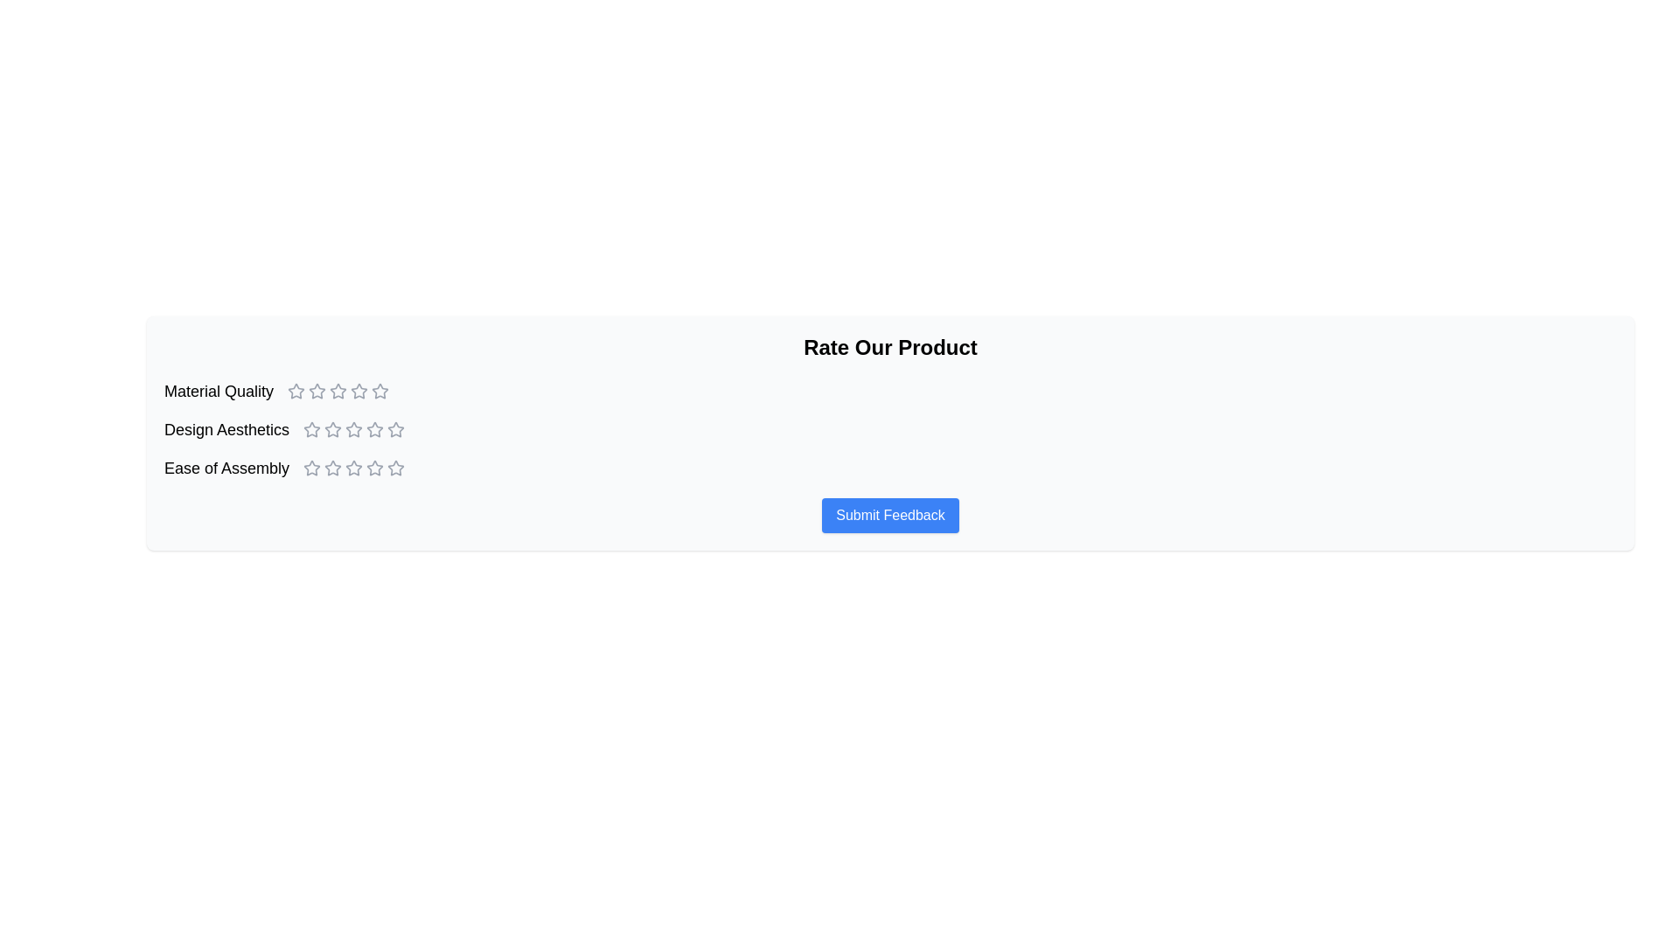 The width and height of the screenshot is (1679, 944). What do you see at coordinates (353, 430) in the screenshot?
I see `the fourth rating star` at bounding box center [353, 430].